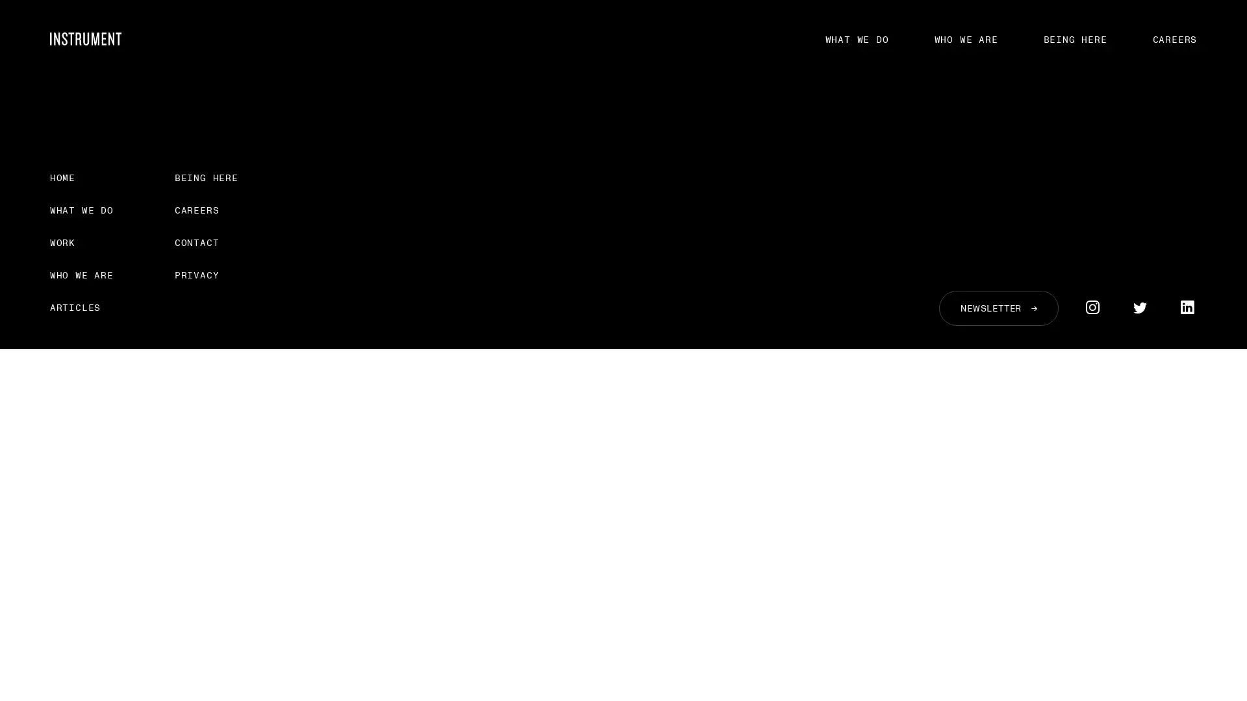 This screenshot has height=701, width=1247. Describe the element at coordinates (998, 308) in the screenshot. I see `NEWSLETTER` at that location.